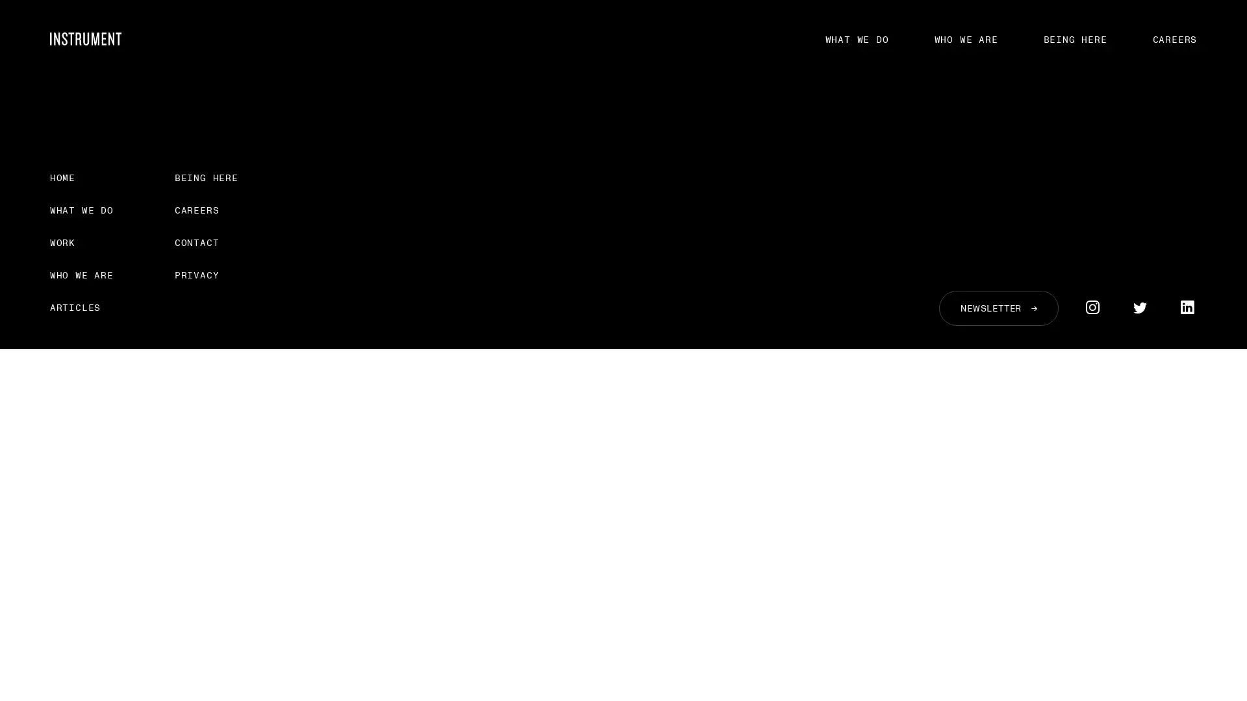 This screenshot has height=701, width=1247. Describe the element at coordinates (998, 308) in the screenshot. I see `NEWSLETTER` at that location.